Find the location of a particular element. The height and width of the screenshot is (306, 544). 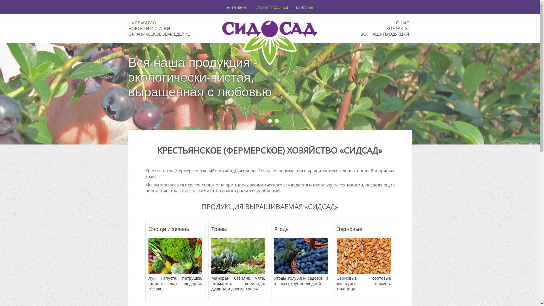

'3' is located at coordinates (277, 121).